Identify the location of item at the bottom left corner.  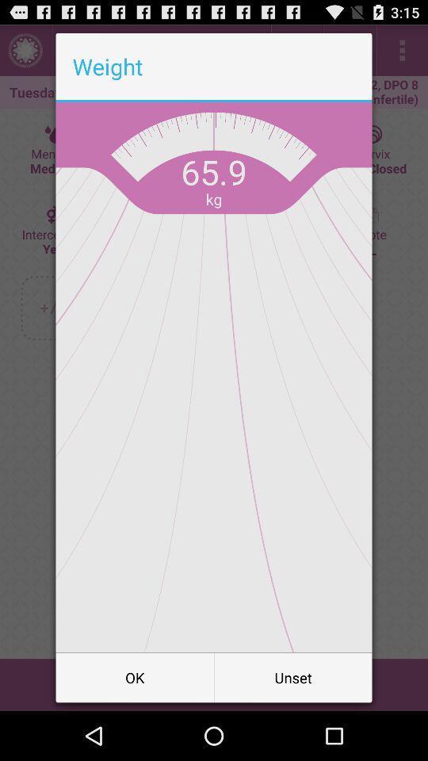
(135, 676).